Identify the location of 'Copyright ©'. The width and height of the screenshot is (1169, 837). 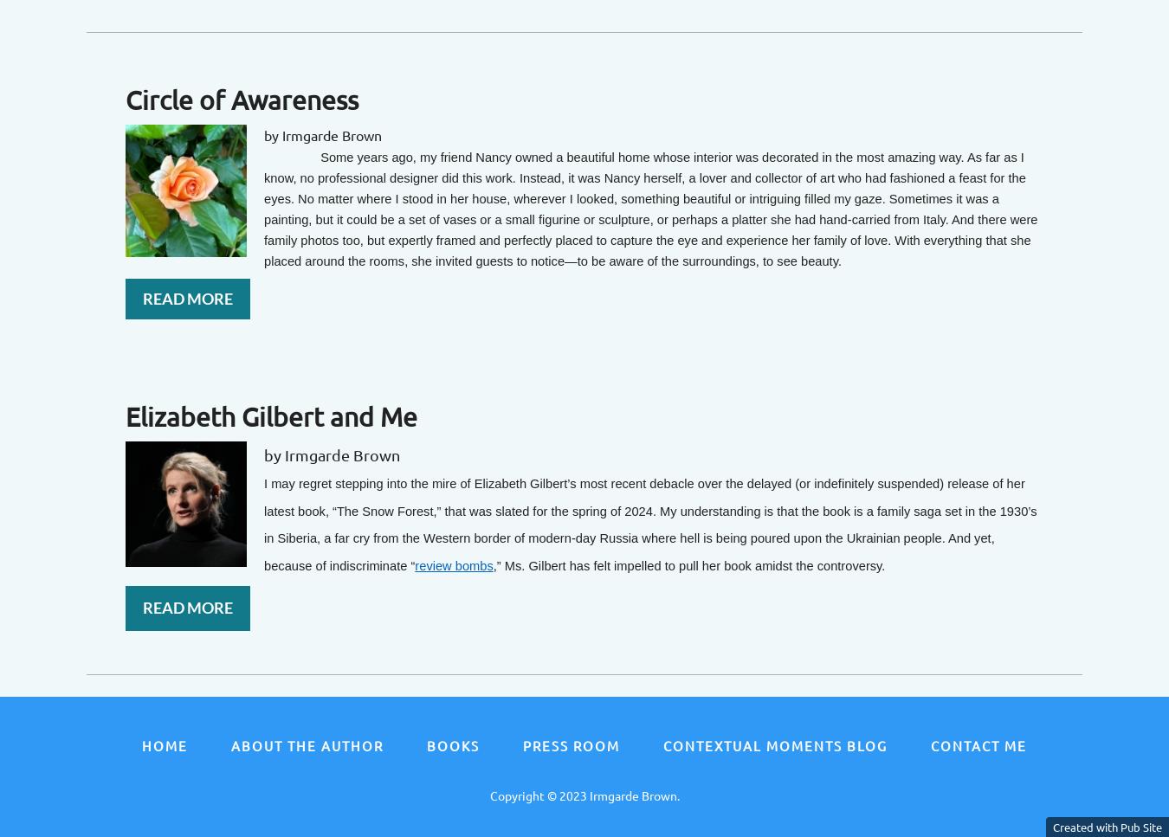
(523, 795).